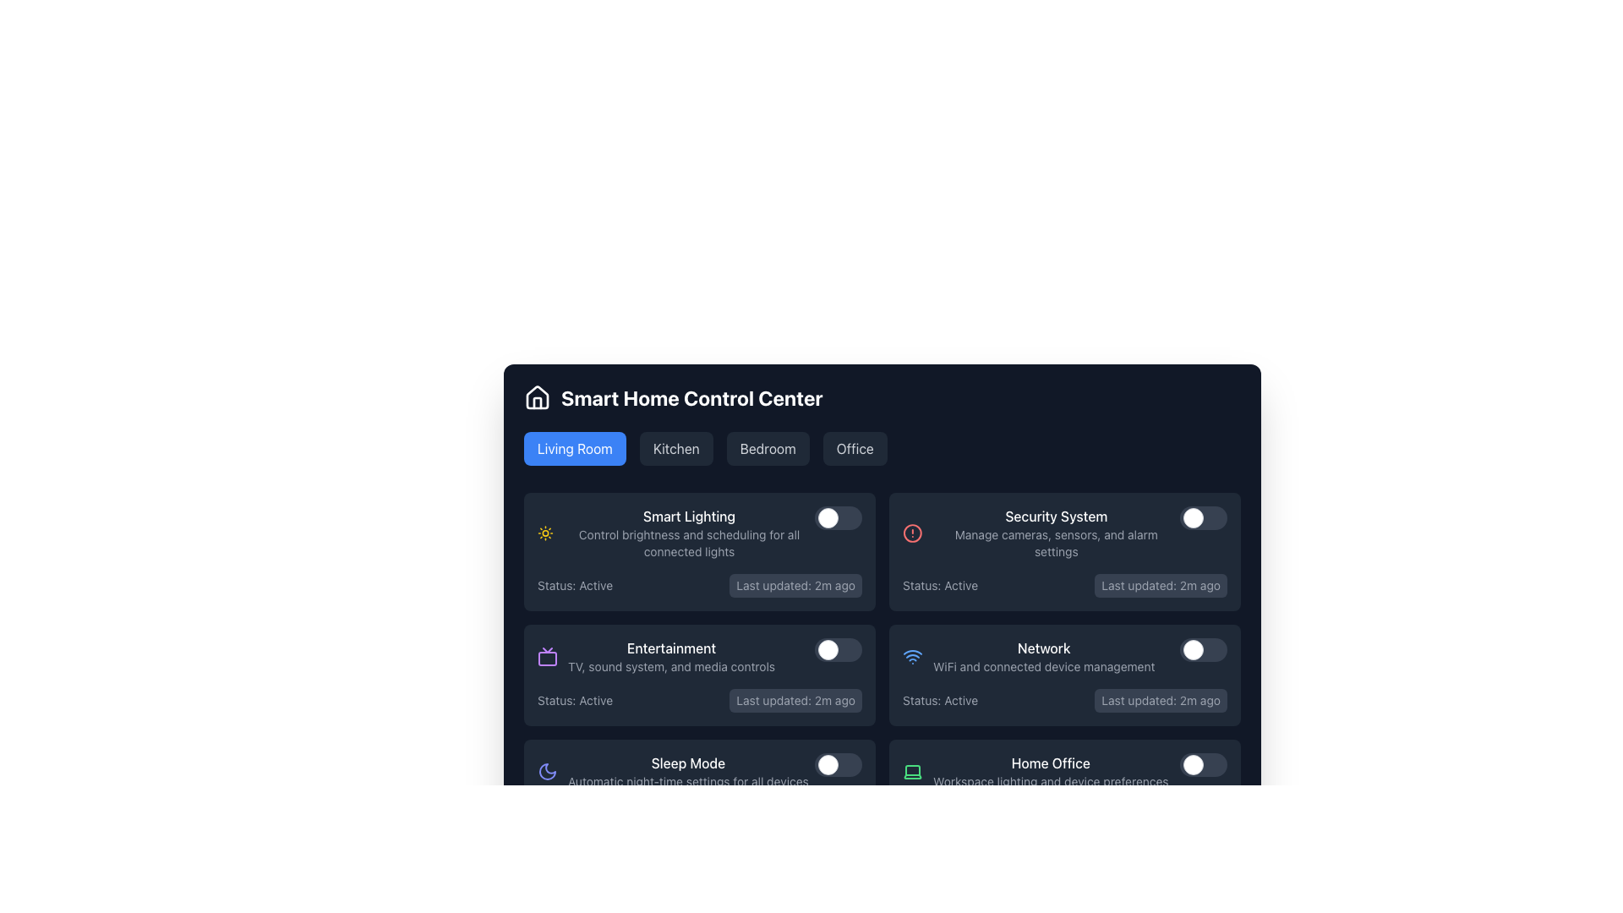 This screenshot has width=1623, height=913. What do you see at coordinates (688, 782) in the screenshot?
I see `the static text label that provides additional details for the 'Sleep Mode' feature, located below the 'Sleep Mode' text in the smart home control settings panel` at bounding box center [688, 782].